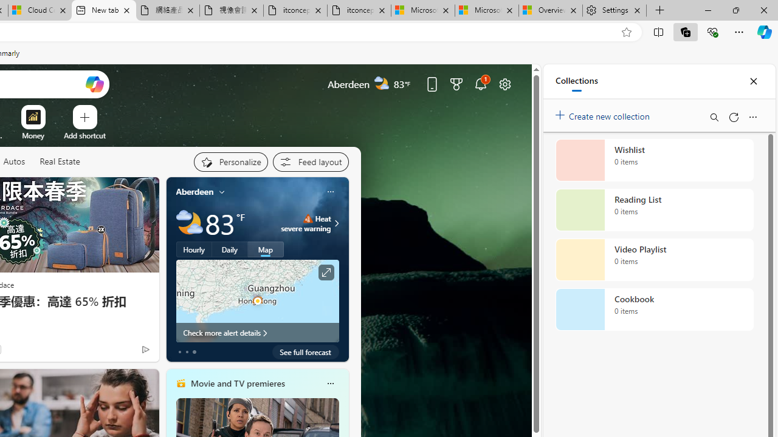 This screenshot has height=437, width=778. What do you see at coordinates (654, 309) in the screenshot?
I see `'Cookbook collection, 0 items'` at bounding box center [654, 309].